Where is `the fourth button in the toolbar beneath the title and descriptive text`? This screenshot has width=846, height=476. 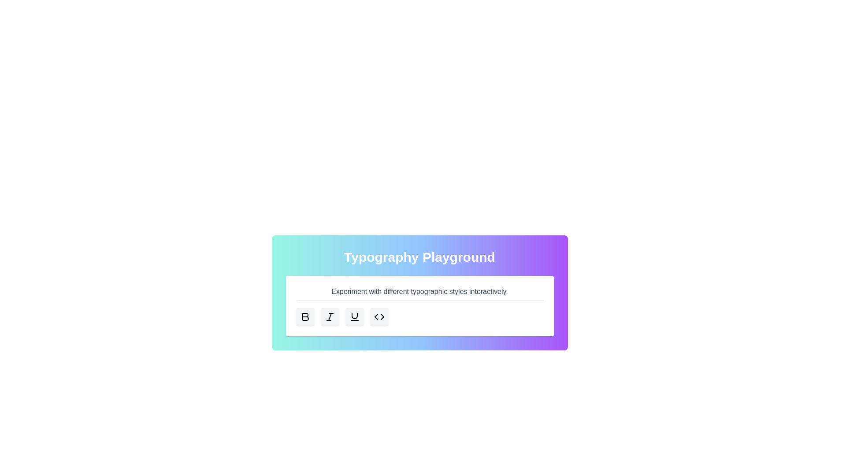 the fourth button in the toolbar beneath the title and descriptive text is located at coordinates (379, 316).